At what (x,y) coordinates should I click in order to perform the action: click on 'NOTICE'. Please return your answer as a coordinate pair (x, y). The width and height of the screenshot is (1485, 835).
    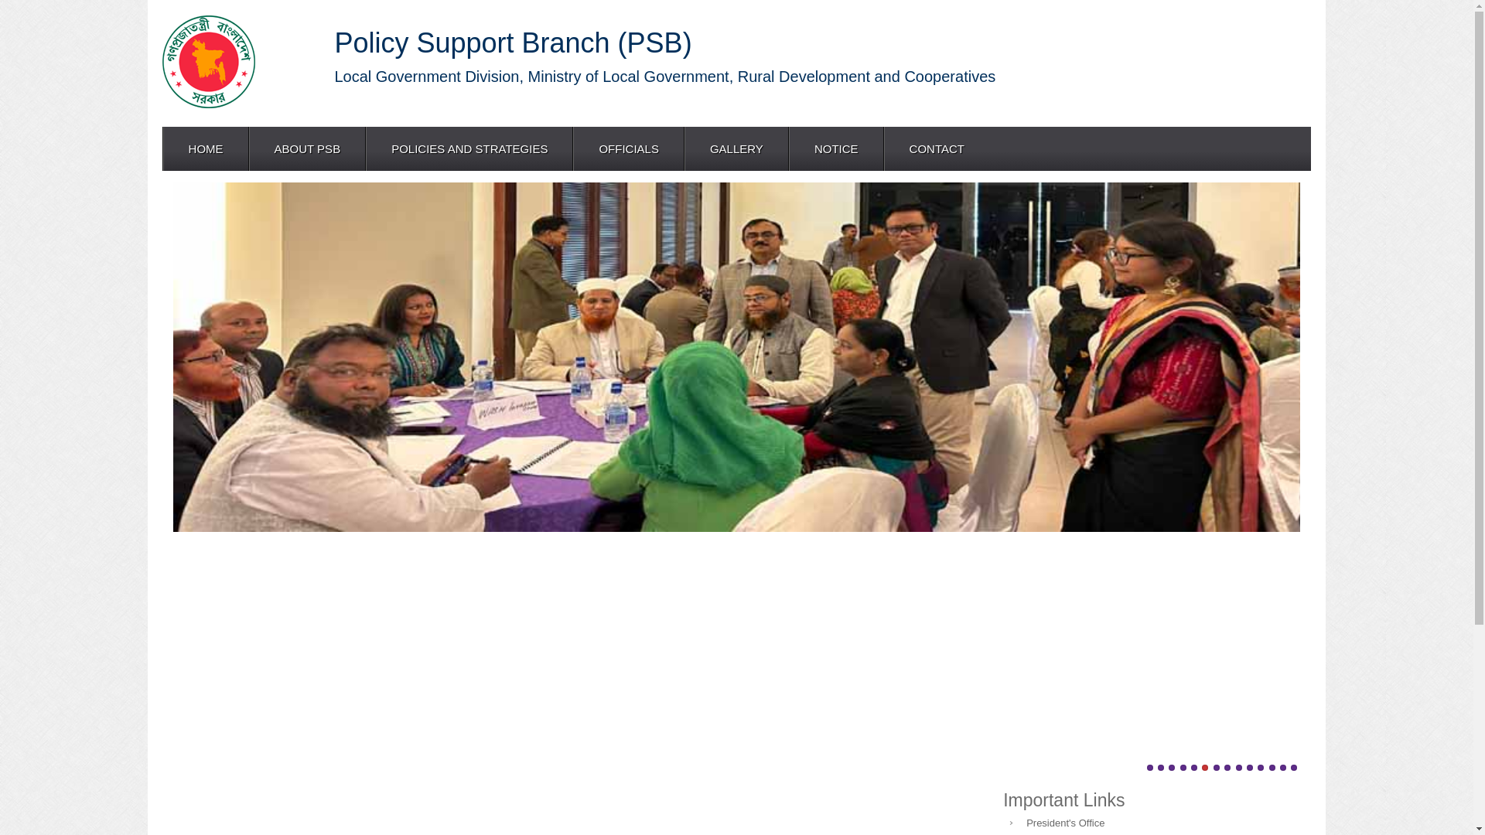
    Looking at the image, I should click on (835, 148).